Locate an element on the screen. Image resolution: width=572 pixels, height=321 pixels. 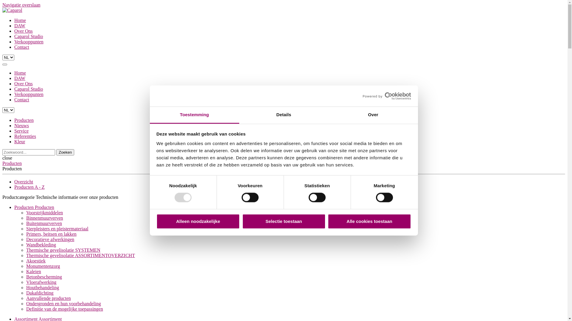
'Zoeken' is located at coordinates (65, 152).